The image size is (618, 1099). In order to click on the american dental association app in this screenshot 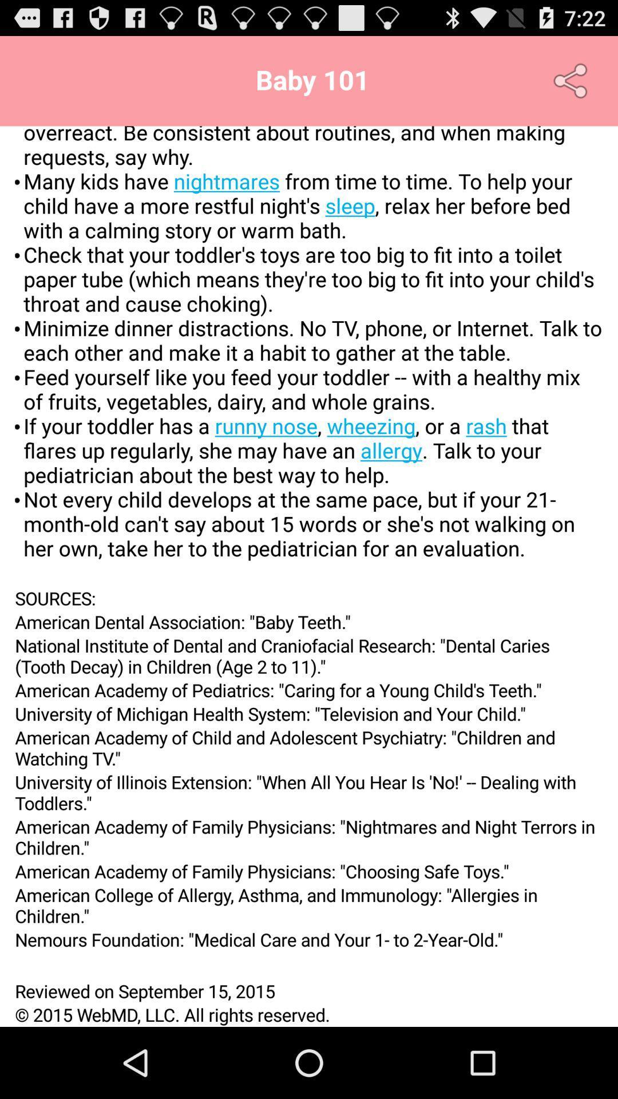, I will do `click(309, 621)`.